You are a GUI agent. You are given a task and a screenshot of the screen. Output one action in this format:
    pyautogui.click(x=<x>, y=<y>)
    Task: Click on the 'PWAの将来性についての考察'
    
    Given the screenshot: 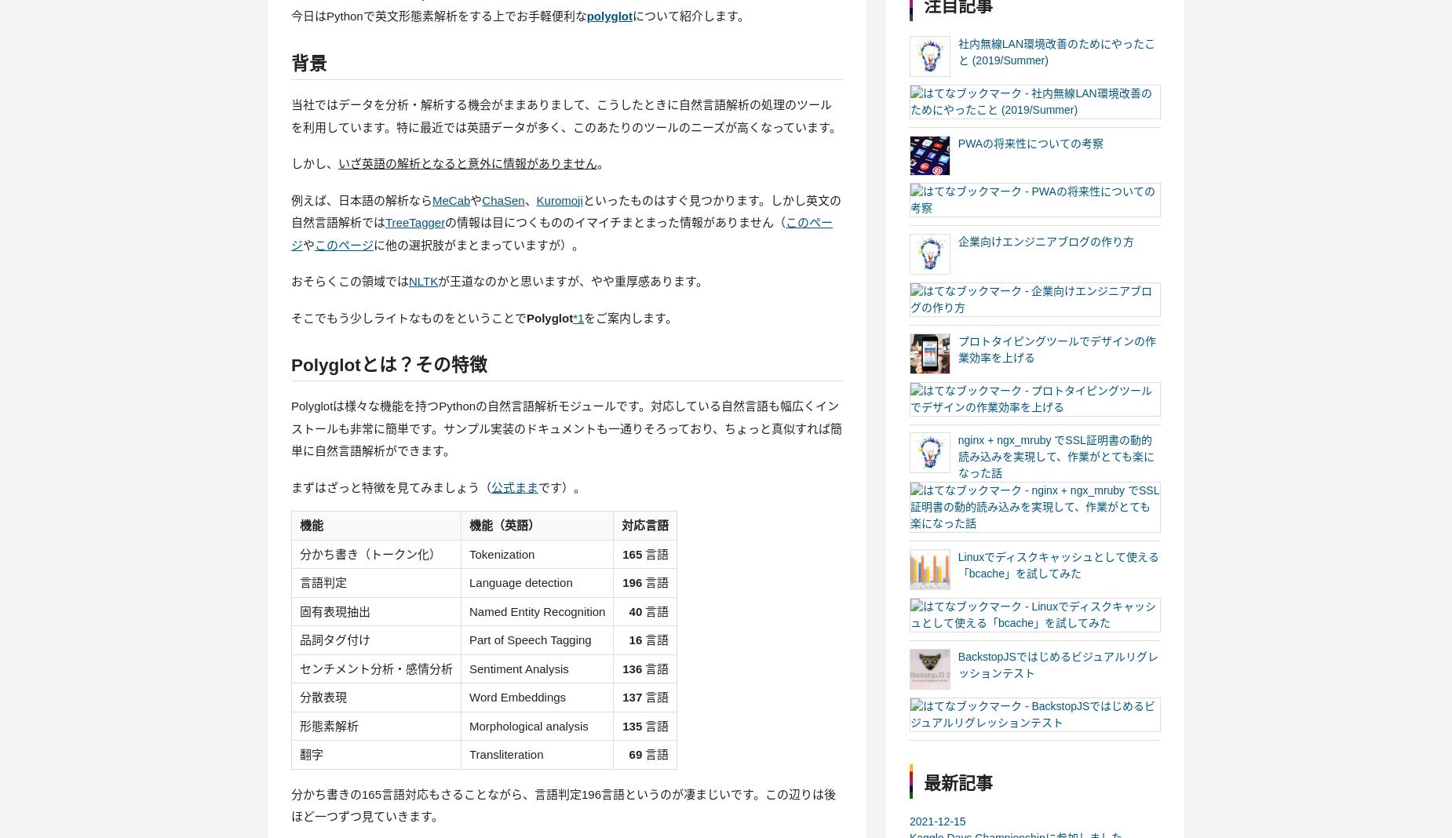 What is the action you would take?
    pyautogui.click(x=1029, y=142)
    